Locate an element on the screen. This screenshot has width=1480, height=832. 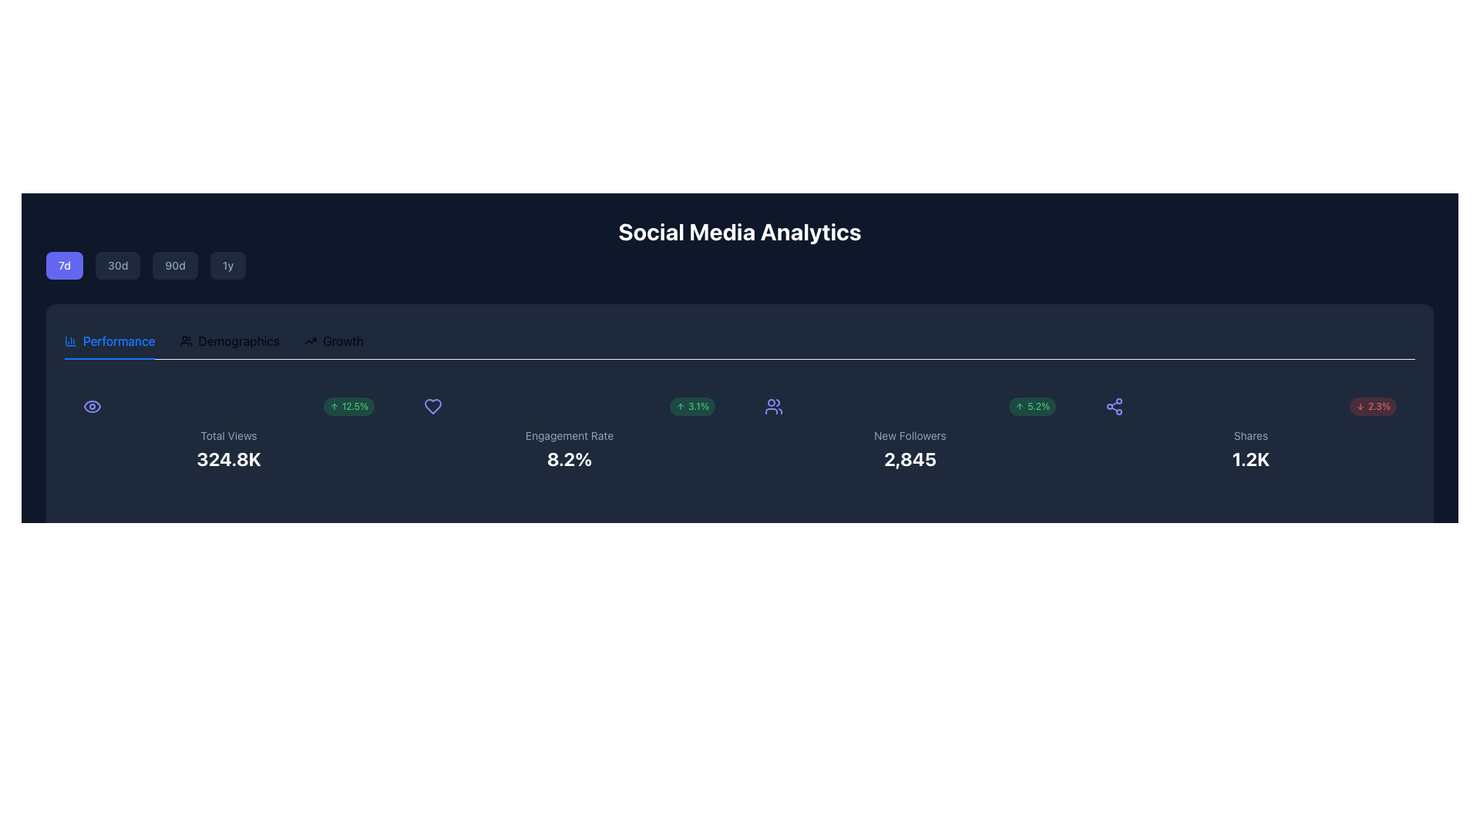
the label indicating 'Shares', which is positioned below the shares icon and above the numerical value of 1.2K is located at coordinates (1250, 436).